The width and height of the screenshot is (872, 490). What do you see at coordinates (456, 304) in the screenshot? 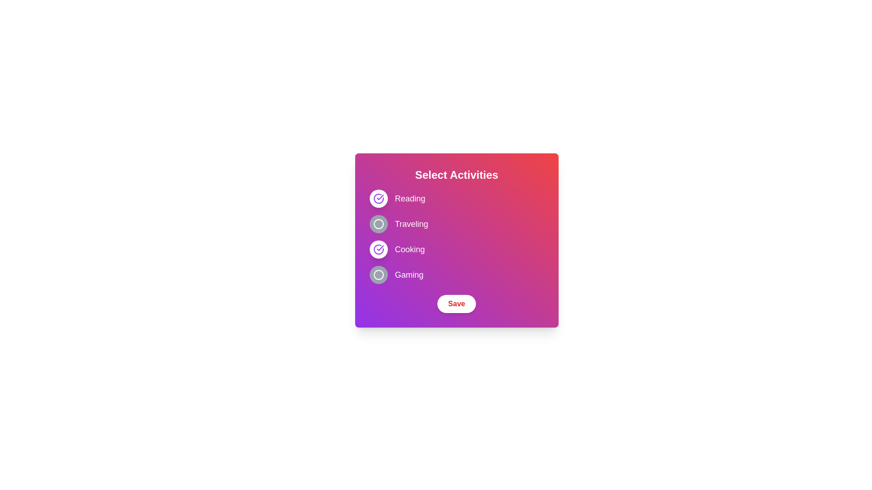
I see `'Save' button to confirm the selected activities` at bounding box center [456, 304].